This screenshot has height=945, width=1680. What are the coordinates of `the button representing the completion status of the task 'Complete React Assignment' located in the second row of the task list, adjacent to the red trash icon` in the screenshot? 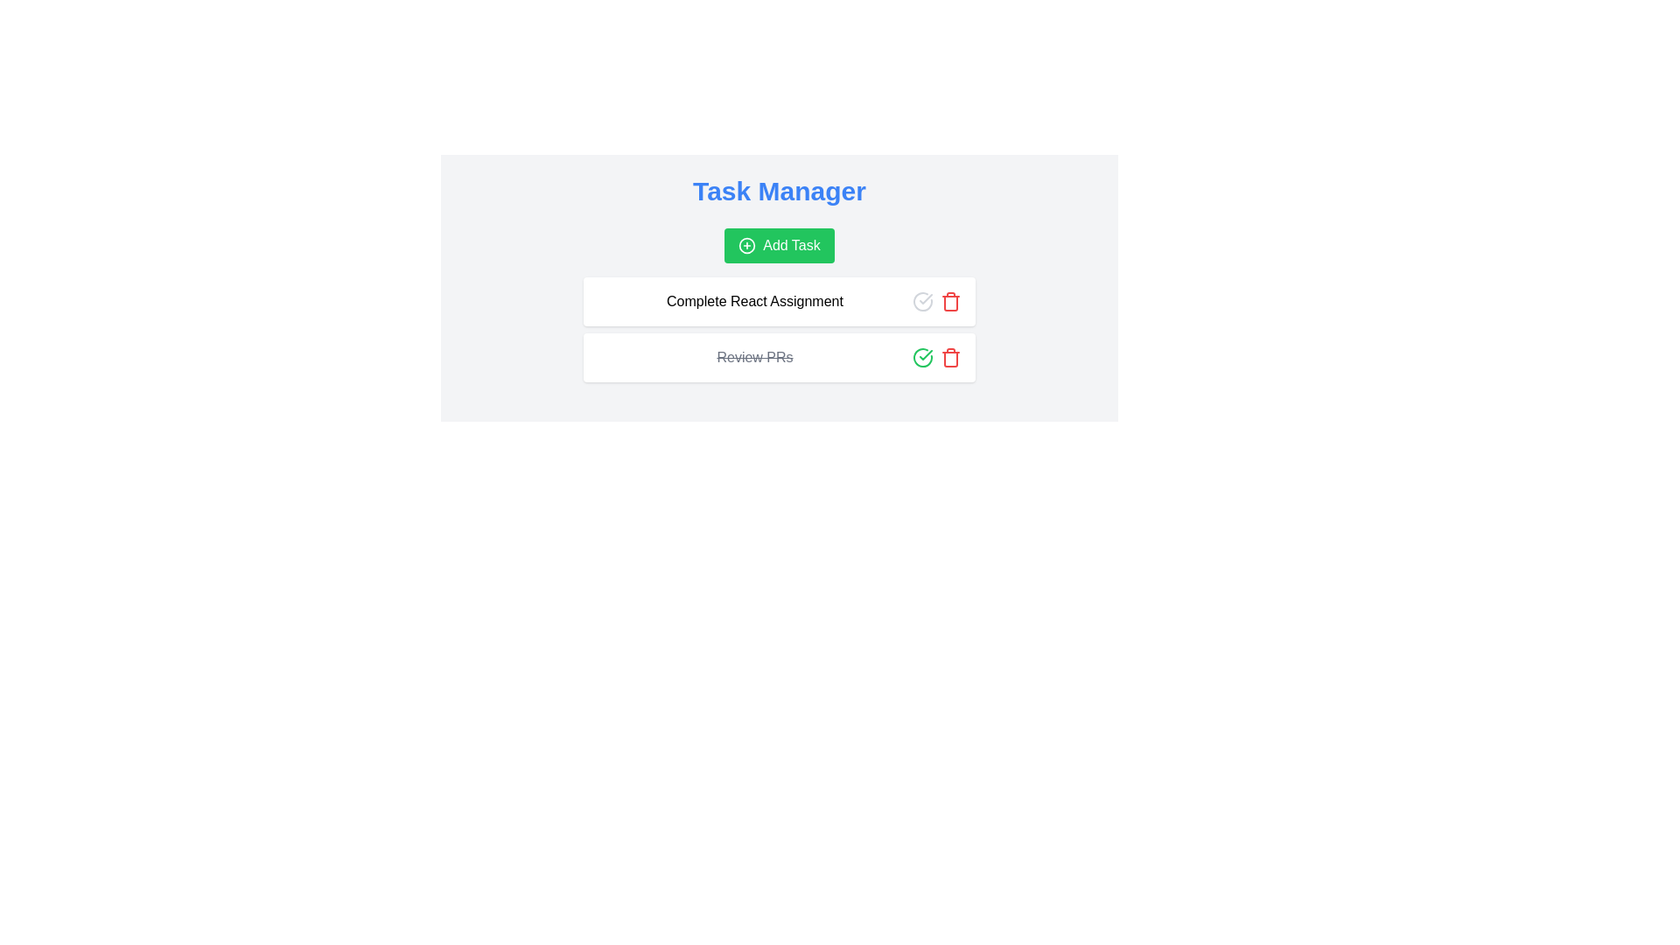 It's located at (922, 300).